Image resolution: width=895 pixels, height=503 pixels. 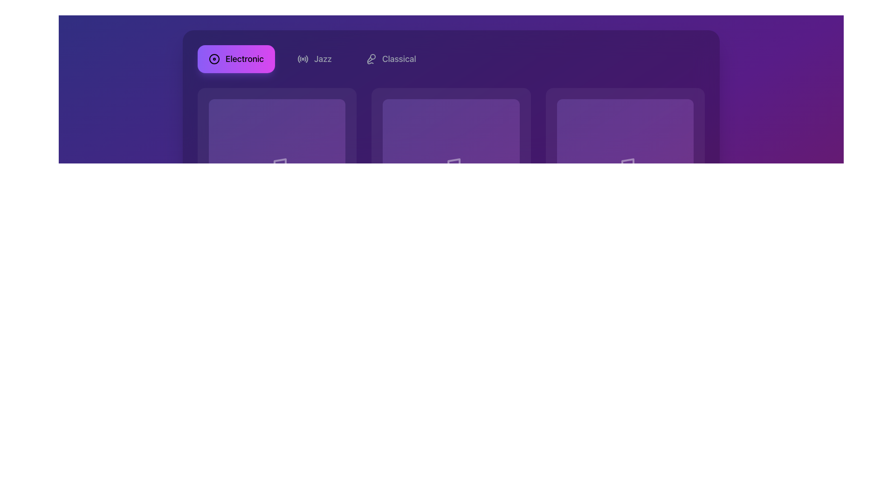 What do you see at coordinates (369, 59) in the screenshot?
I see `the graphical icon located to the right of the 'Jazz' text and adjacent to the 'Classical' label in the top navigation menu for interaction` at bounding box center [369, 59].